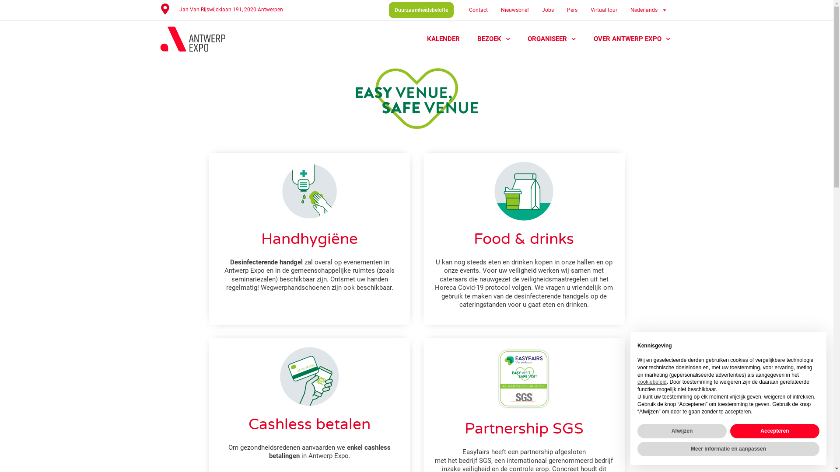 The width and height of the screenshot is (840, 472). What do you see at coordinates (514, 10) in the screenshot?
I see `'Nieuwsbrief'` at bounding box center [514, 10].